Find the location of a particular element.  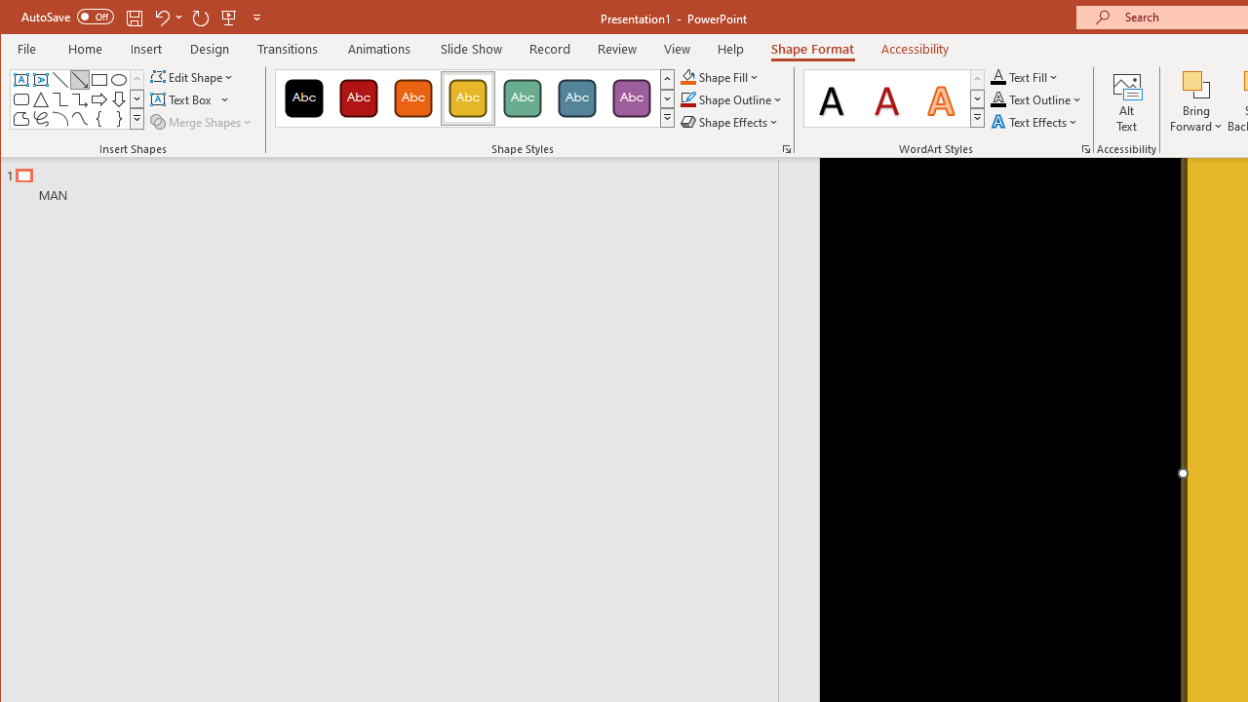

'Colored Fill - Dark Red, Accent 1' is located at coordinates (359, 97).